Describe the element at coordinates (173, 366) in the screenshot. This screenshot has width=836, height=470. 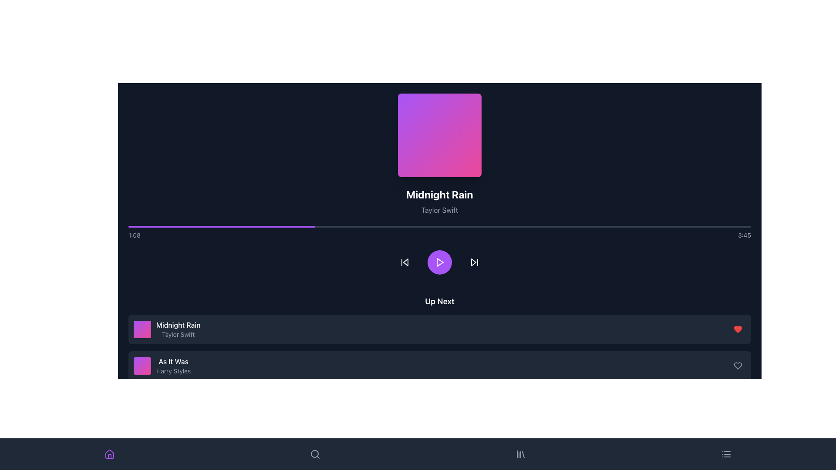
I see `text displayed in the Text block showing the title 'As It Was' and artist 'Harry Styles' in the 'Up Next' playlist, located to the right of the thumbnail` at that location.